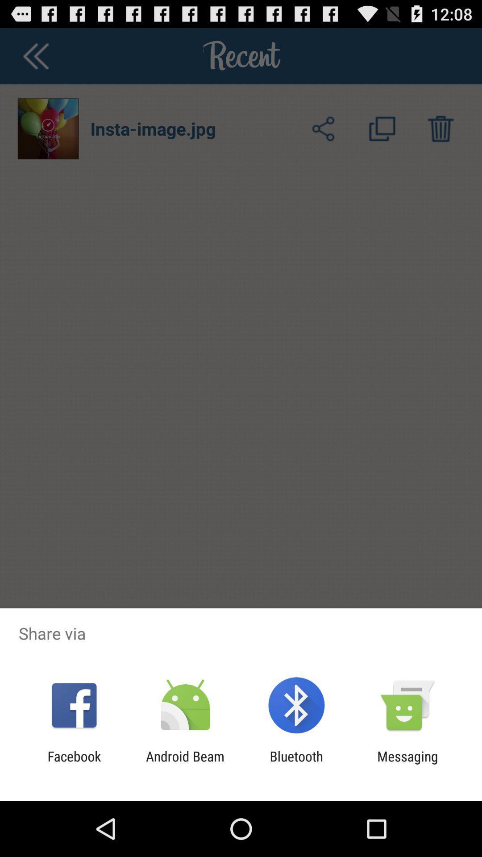  Describe the element at coordinates (296, 764) in the screenshot. I see `icon to the right of the android beam` at that location.